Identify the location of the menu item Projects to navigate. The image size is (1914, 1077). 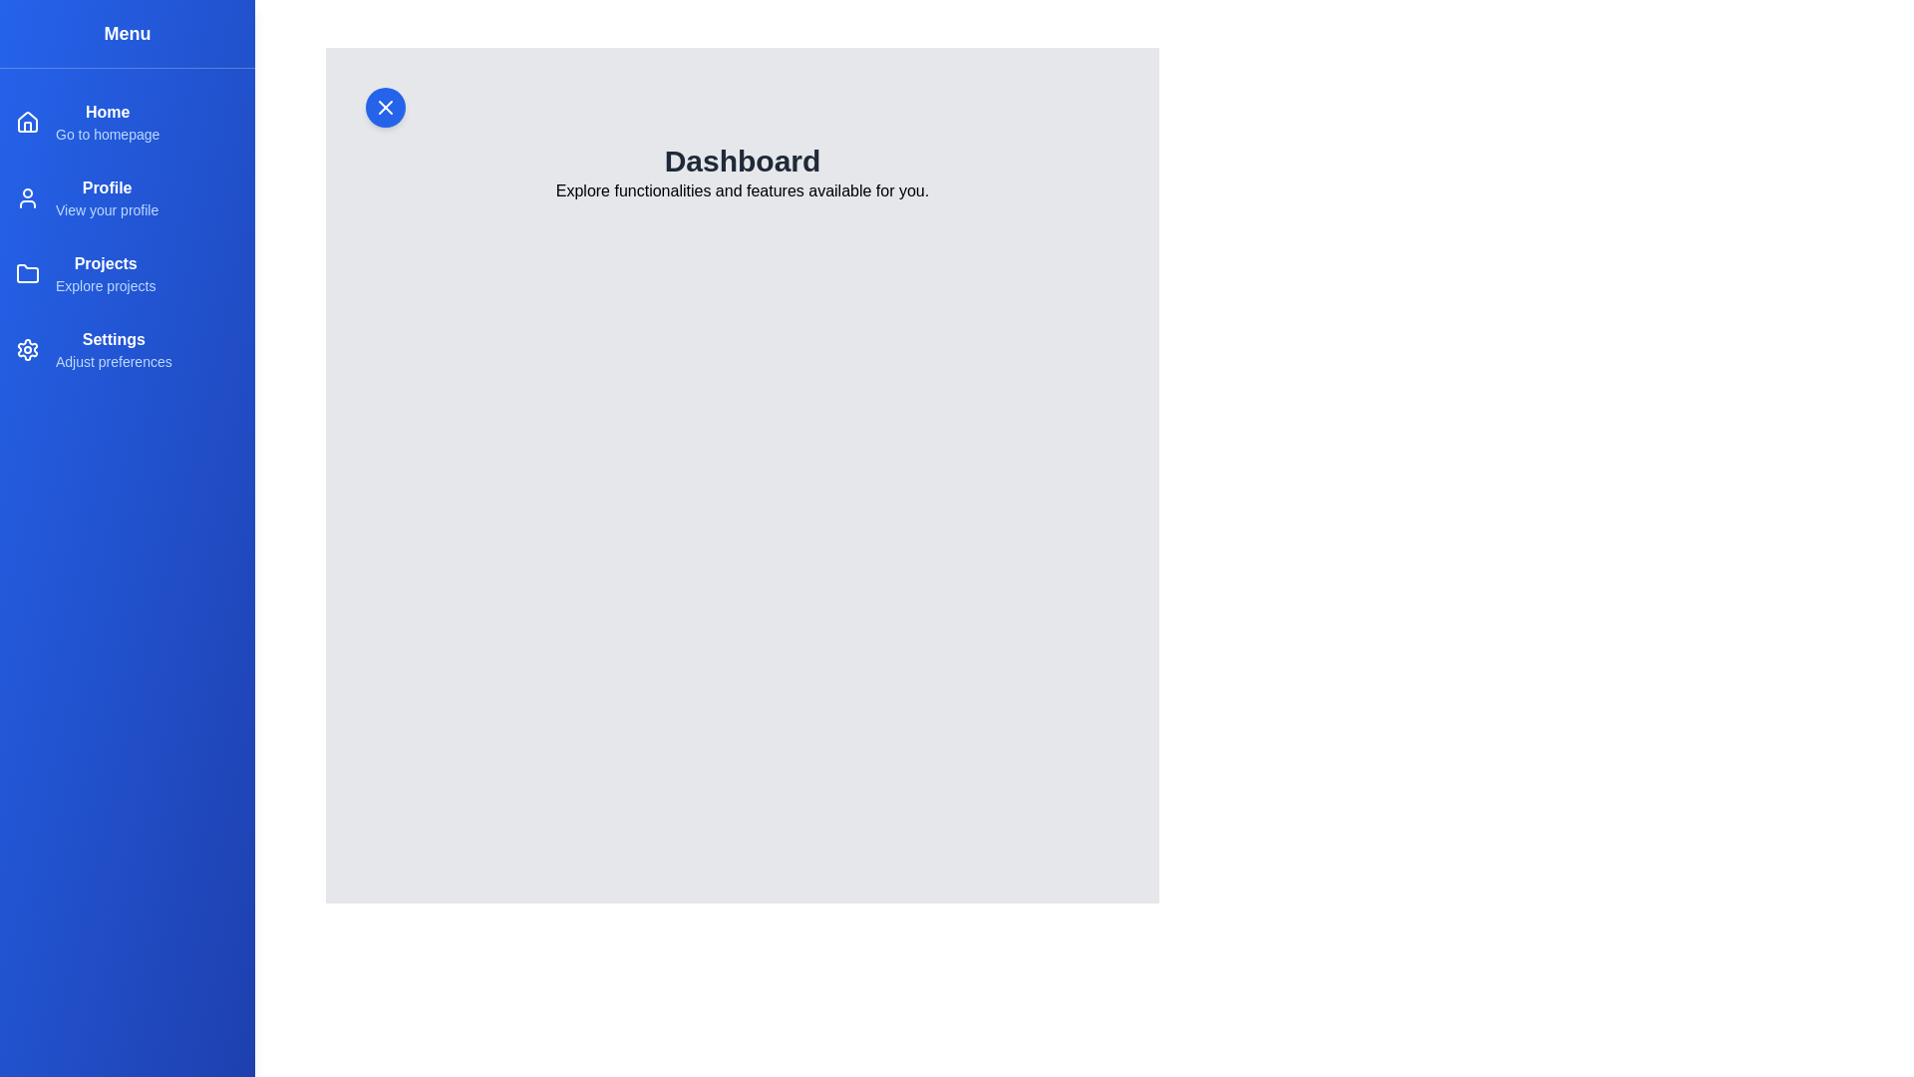
(105, 262).